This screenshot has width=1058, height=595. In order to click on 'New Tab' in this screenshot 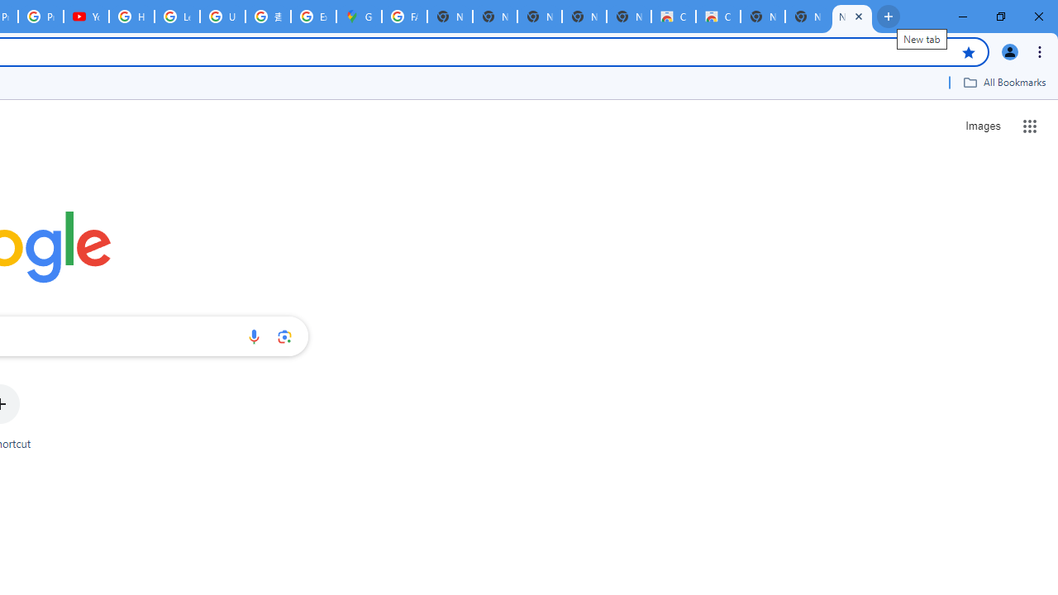, I will do `click(852, 17)`.